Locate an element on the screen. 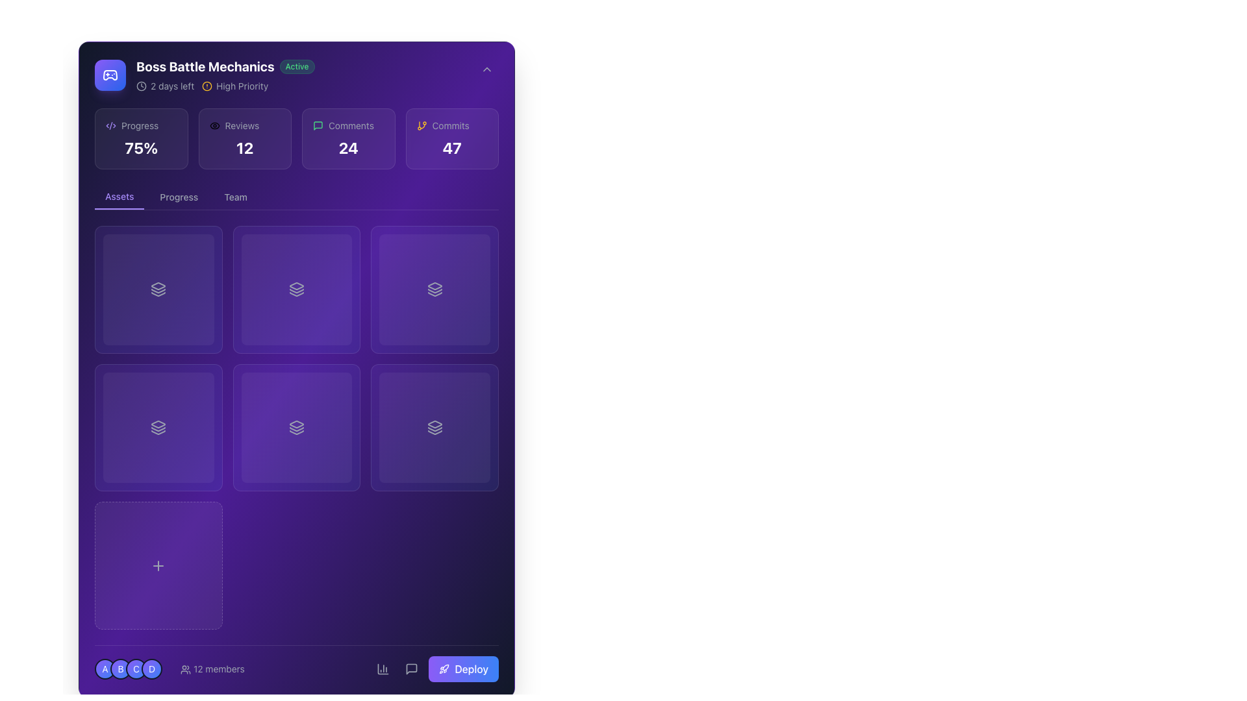 This screenshot has height=701, width=1247. the active 'Assets' tab button in the navigation bar is located at coordinates (120, 197).